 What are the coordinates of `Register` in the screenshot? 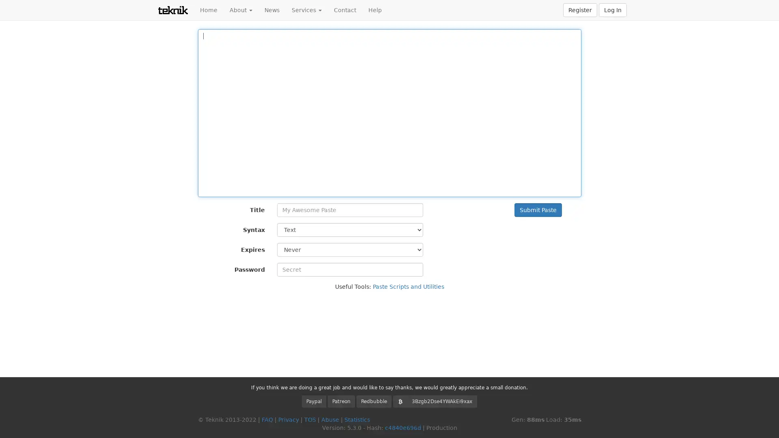 It's located at (580, 10).